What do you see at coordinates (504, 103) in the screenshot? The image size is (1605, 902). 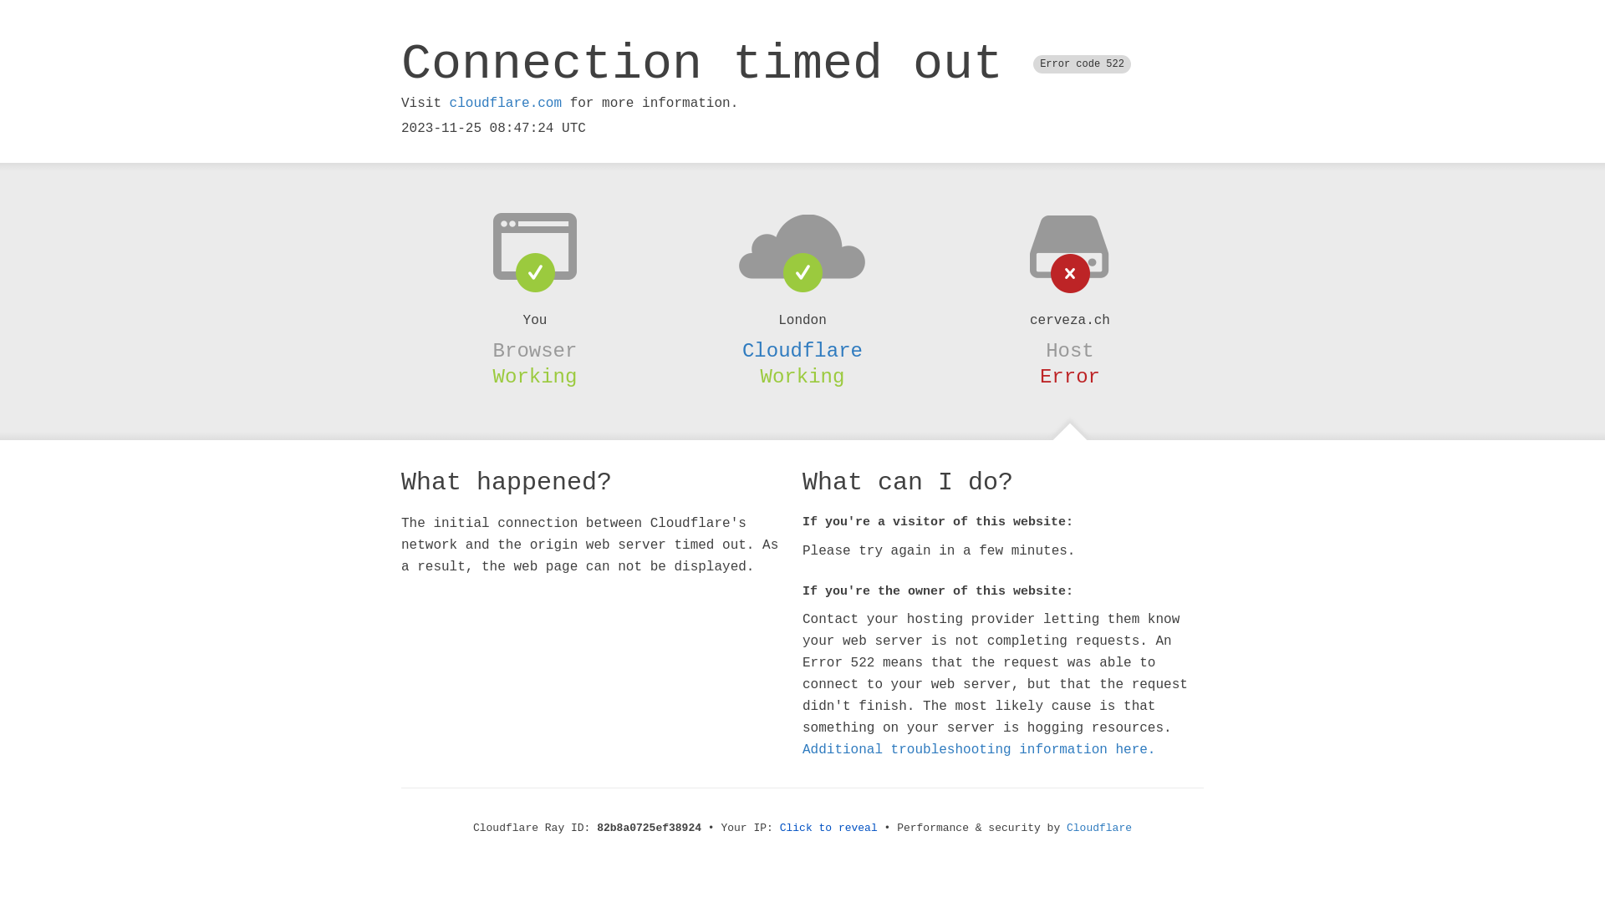 I see `'cloudflare.com'` at bounding box center [504, 103].